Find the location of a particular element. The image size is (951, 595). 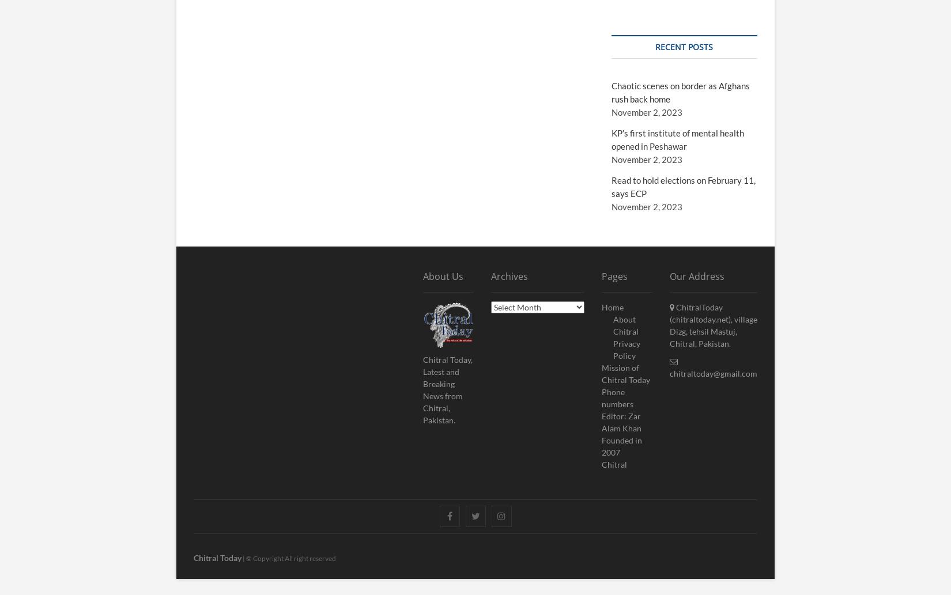

'Our Address' is located at coordinates (697, 276).